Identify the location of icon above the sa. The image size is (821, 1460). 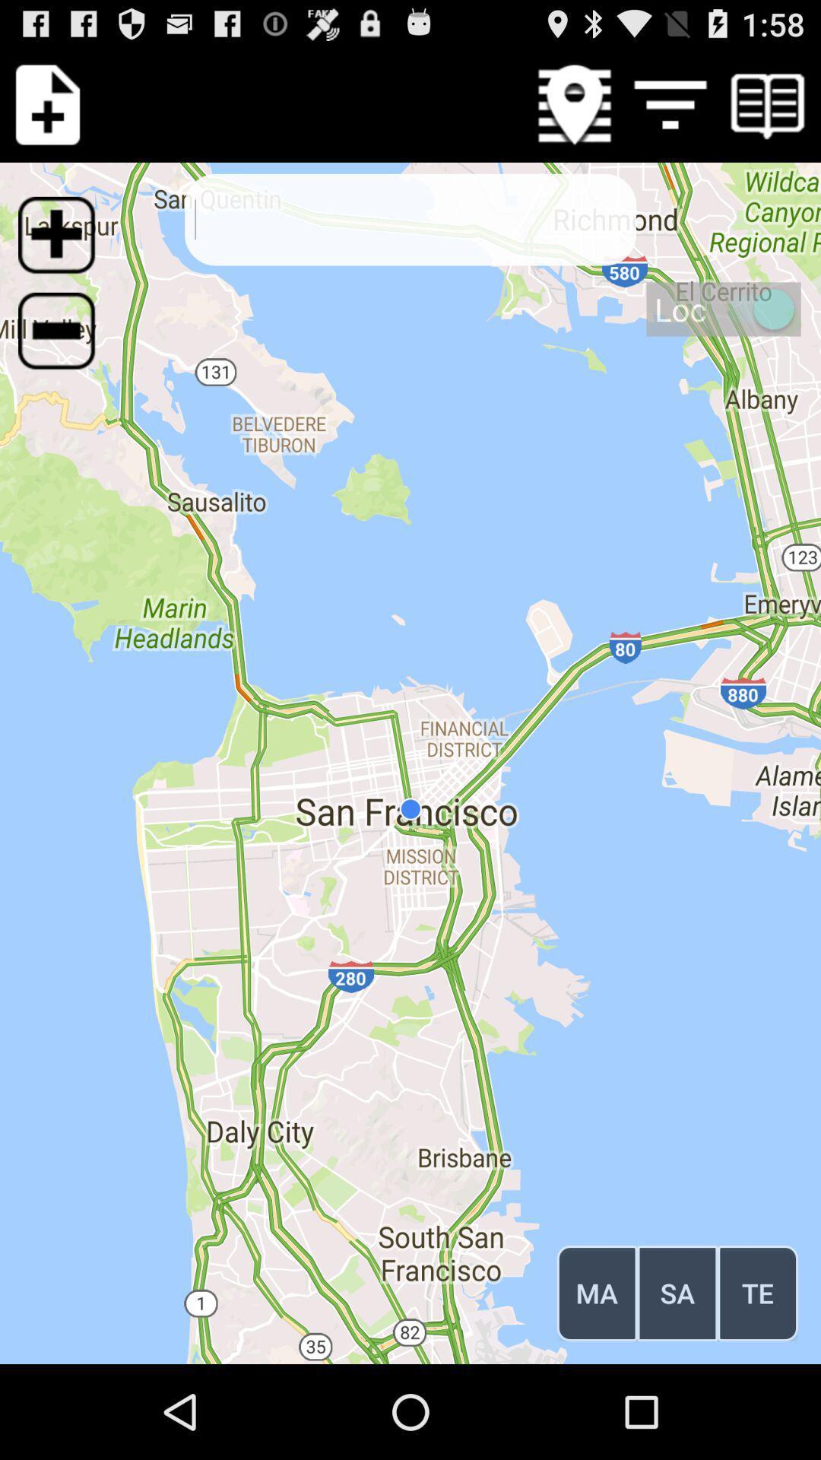
(723, 308).